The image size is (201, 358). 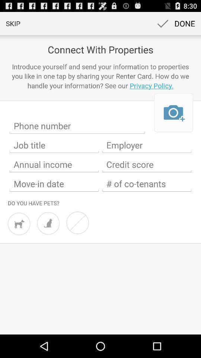 I want to click on check here if you have any cats, so click(x=48, y=223).